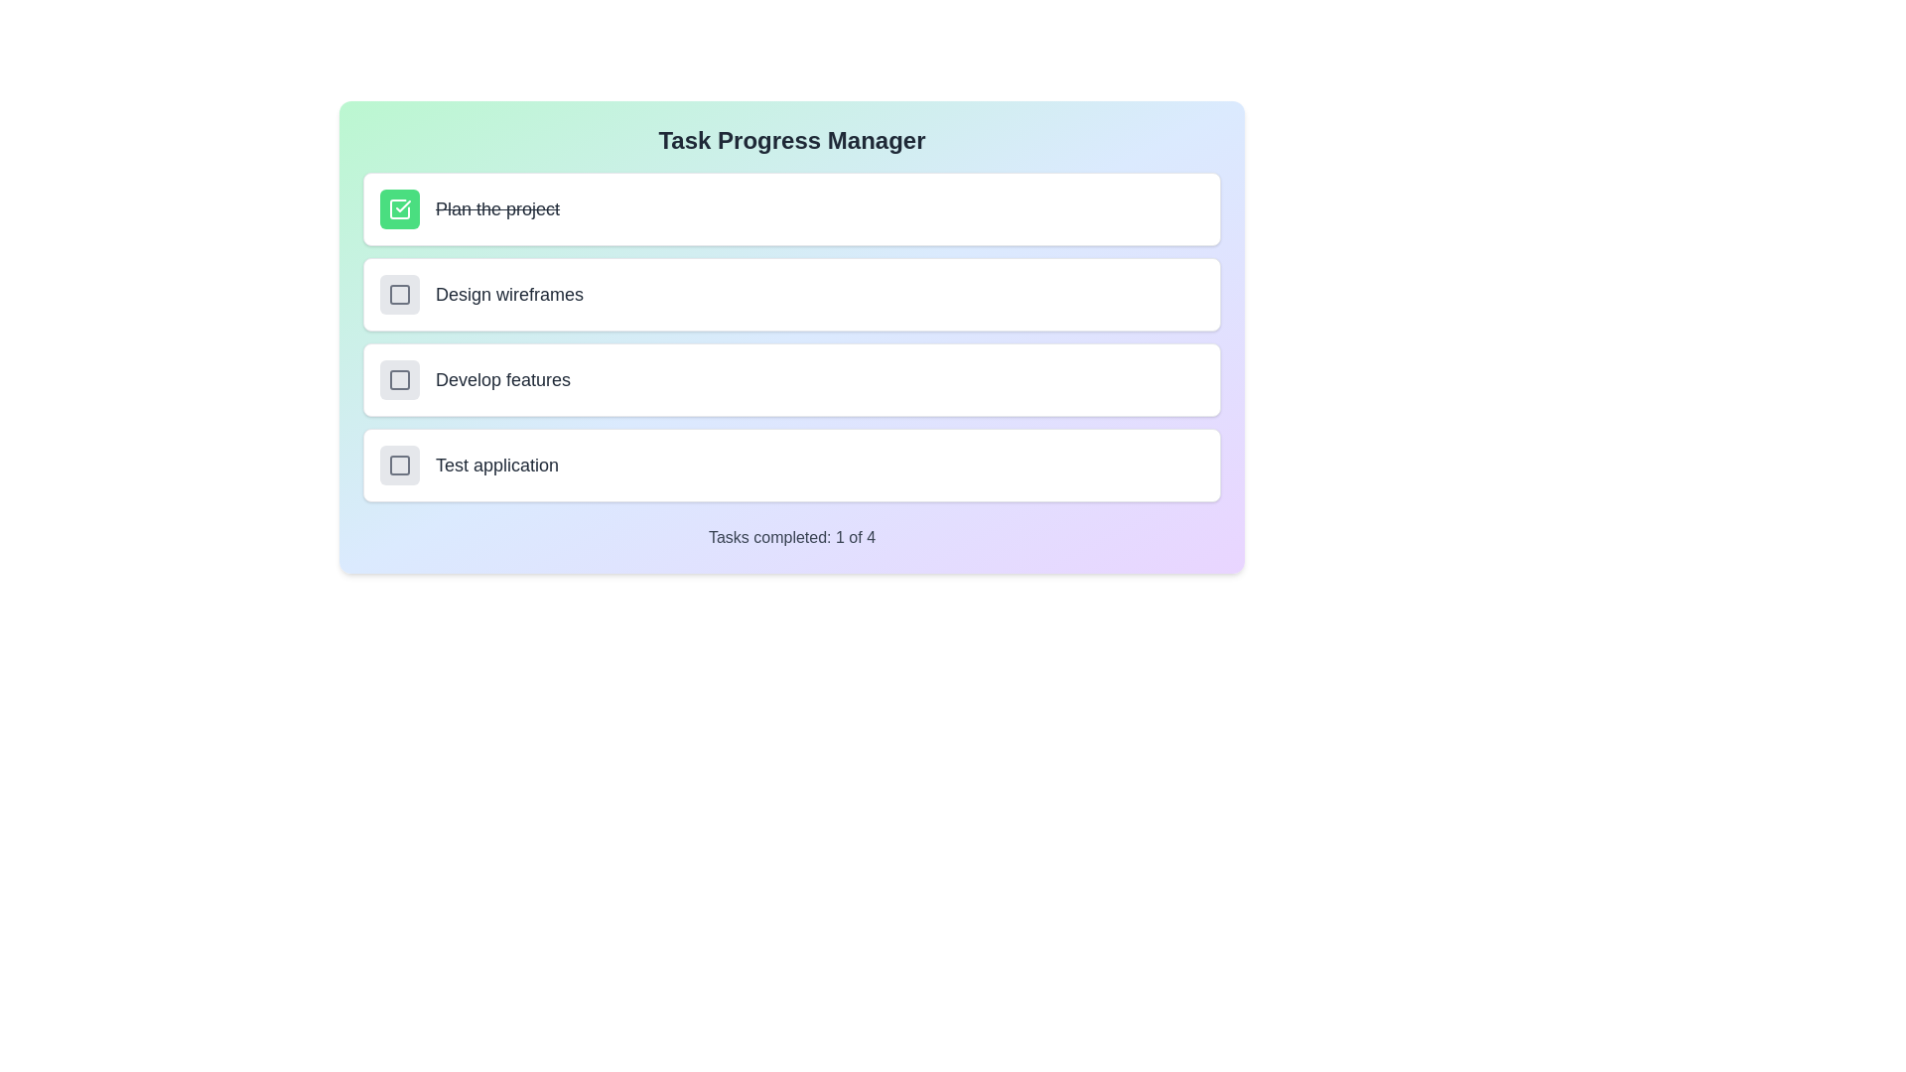 The width and height of the screenshot is (1906, 1072). What do you see at coordinates (399, 295) in the screenshot?
I see `the checkbox-style input element associated with the task labeled 'Design wireframes' to observe the scaling effect` at bounding box center [399, 295].